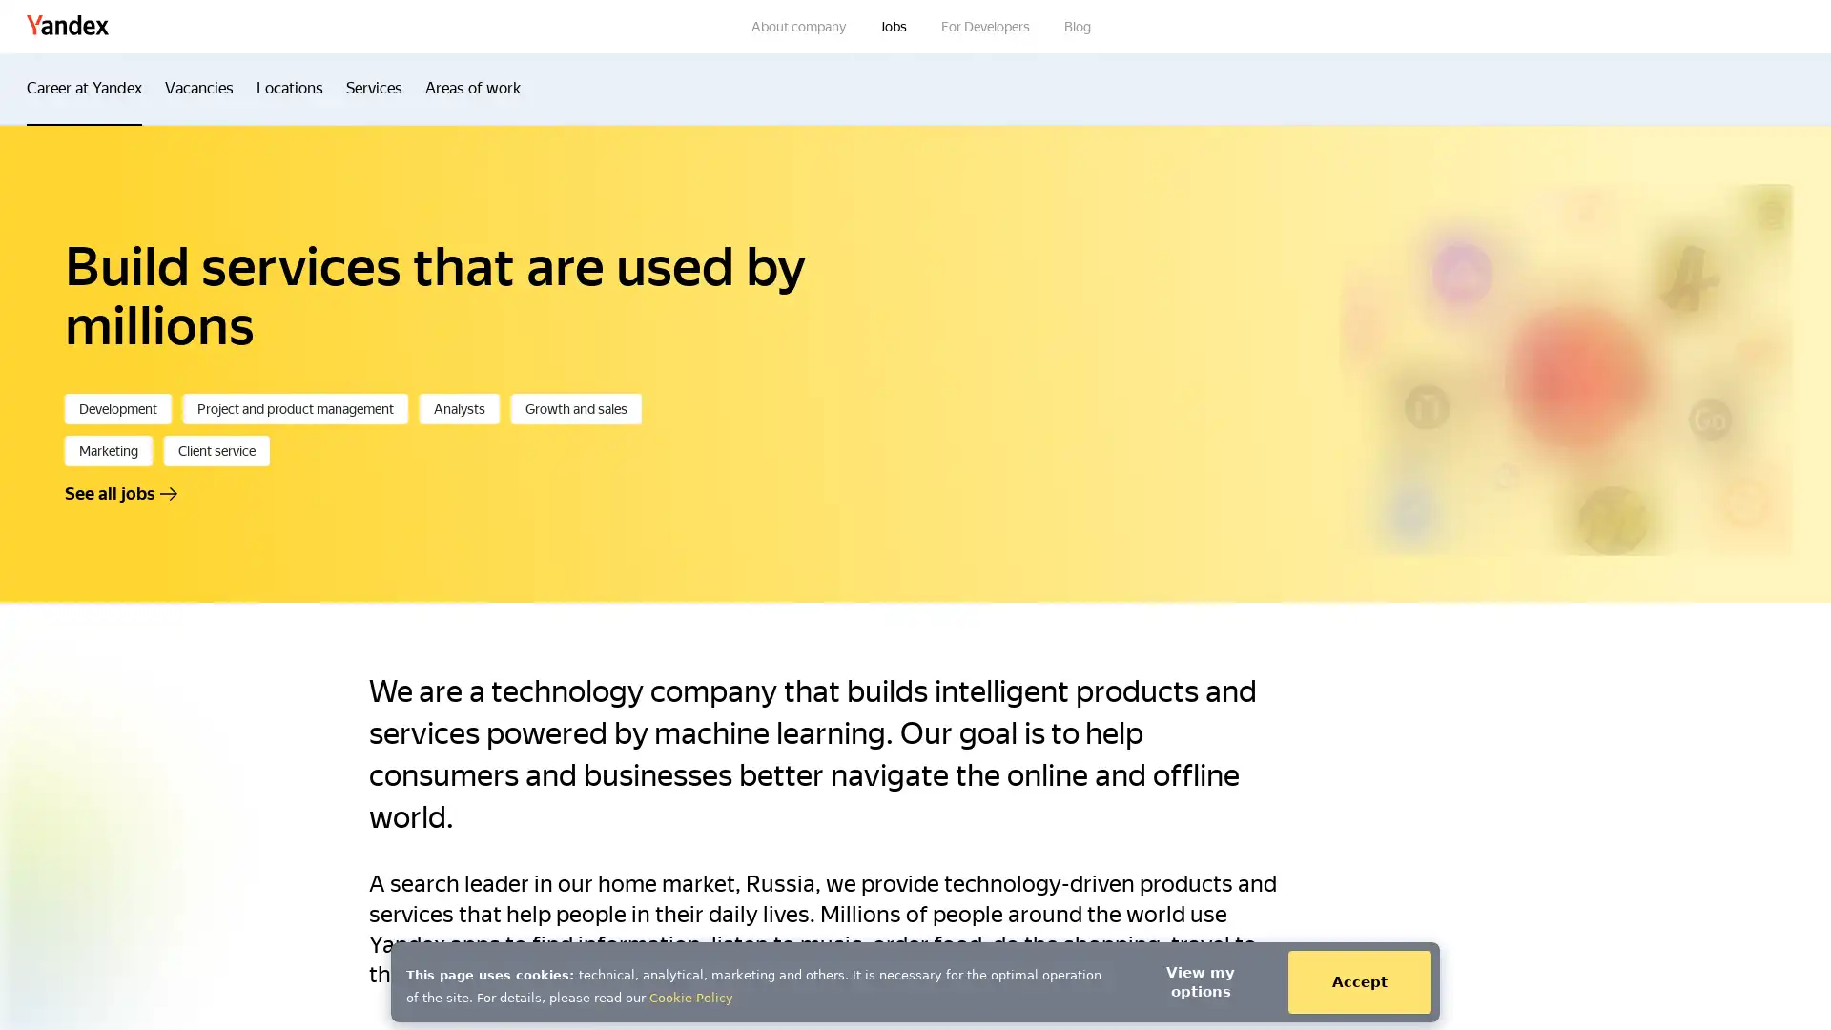 This screenshot has height=1030, width=1831. Describe the element at coordinates (1358, 981) in the screenshot. I see `Accept` at that location.